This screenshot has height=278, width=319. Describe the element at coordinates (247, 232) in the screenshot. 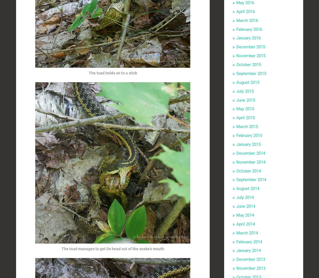

I see `'March 2014'` at that location.